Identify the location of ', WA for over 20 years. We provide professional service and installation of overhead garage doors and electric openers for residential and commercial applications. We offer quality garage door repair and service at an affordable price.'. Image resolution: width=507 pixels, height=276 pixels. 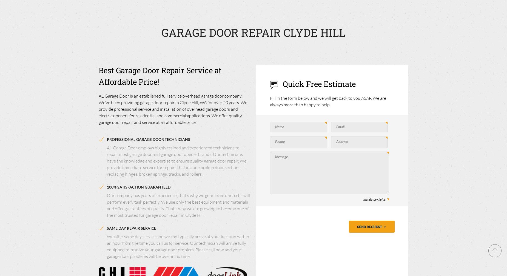
(98, 112).